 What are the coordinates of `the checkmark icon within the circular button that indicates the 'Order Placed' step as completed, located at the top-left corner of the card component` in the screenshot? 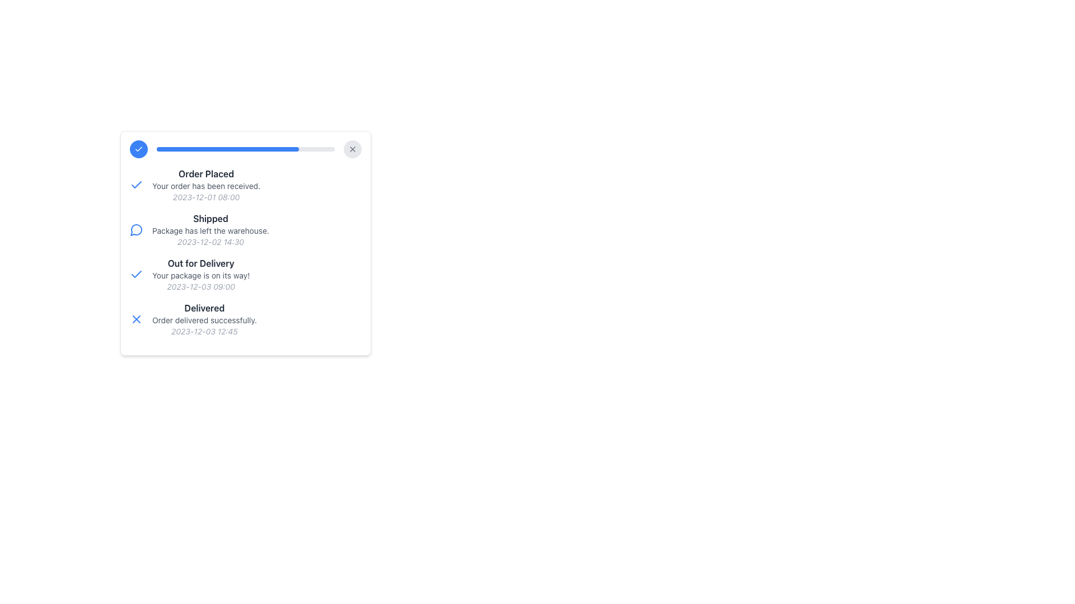 It's located at (138, 148).